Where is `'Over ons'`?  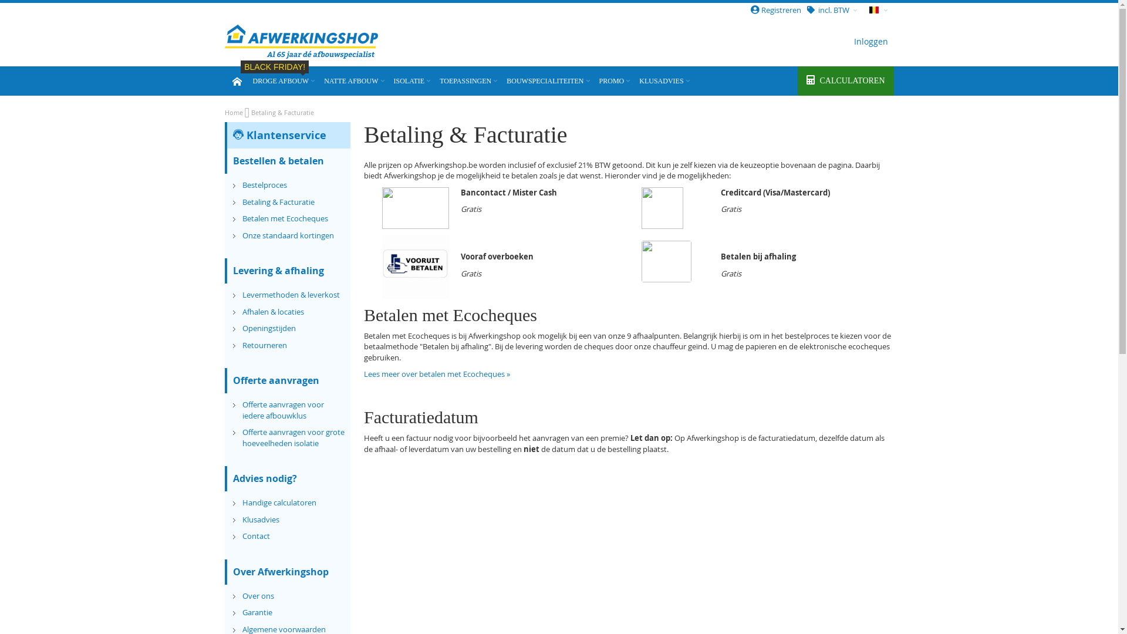
'Over ons' is located at coordinates (257, 595).